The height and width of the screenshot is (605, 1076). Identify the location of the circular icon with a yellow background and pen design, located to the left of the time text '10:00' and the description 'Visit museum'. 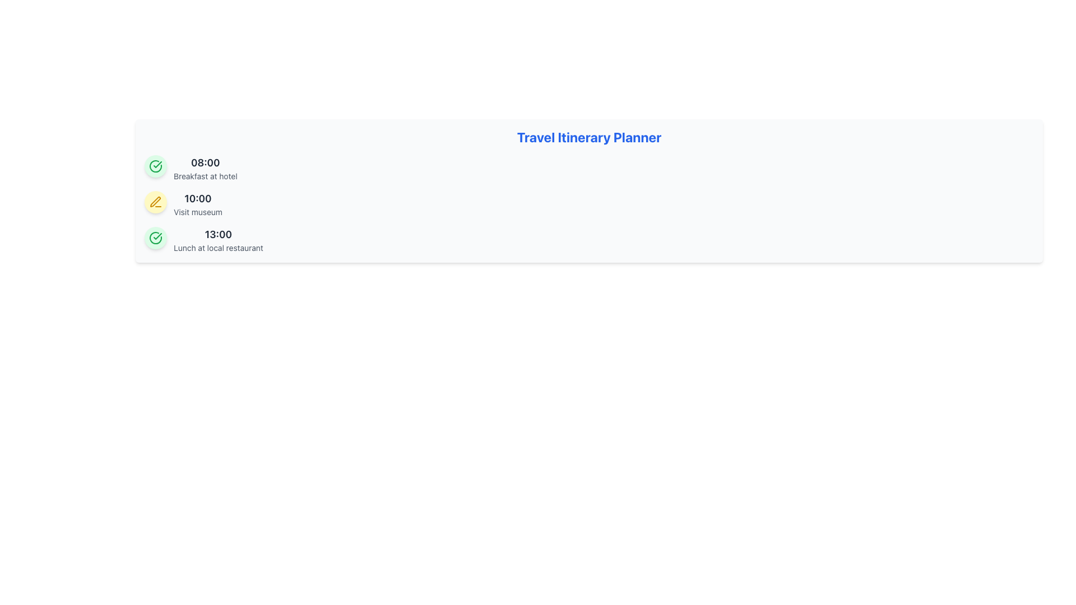
(155, 202).